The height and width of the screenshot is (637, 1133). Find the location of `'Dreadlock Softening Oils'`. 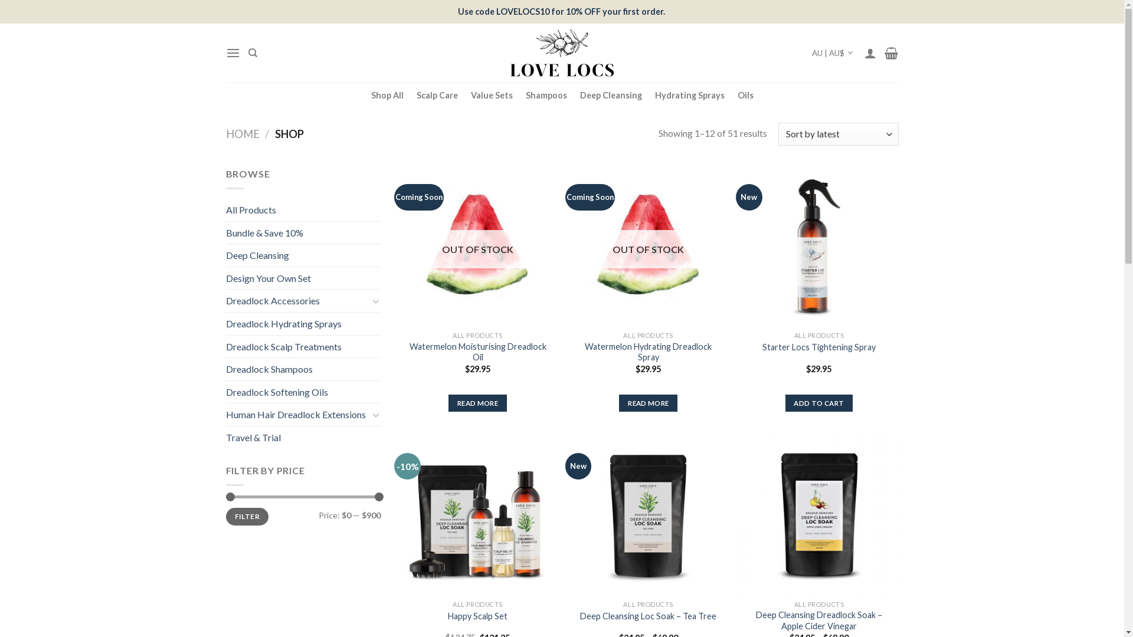

'Dreadlock Softening Oils' is located at coordinates (303, 392).